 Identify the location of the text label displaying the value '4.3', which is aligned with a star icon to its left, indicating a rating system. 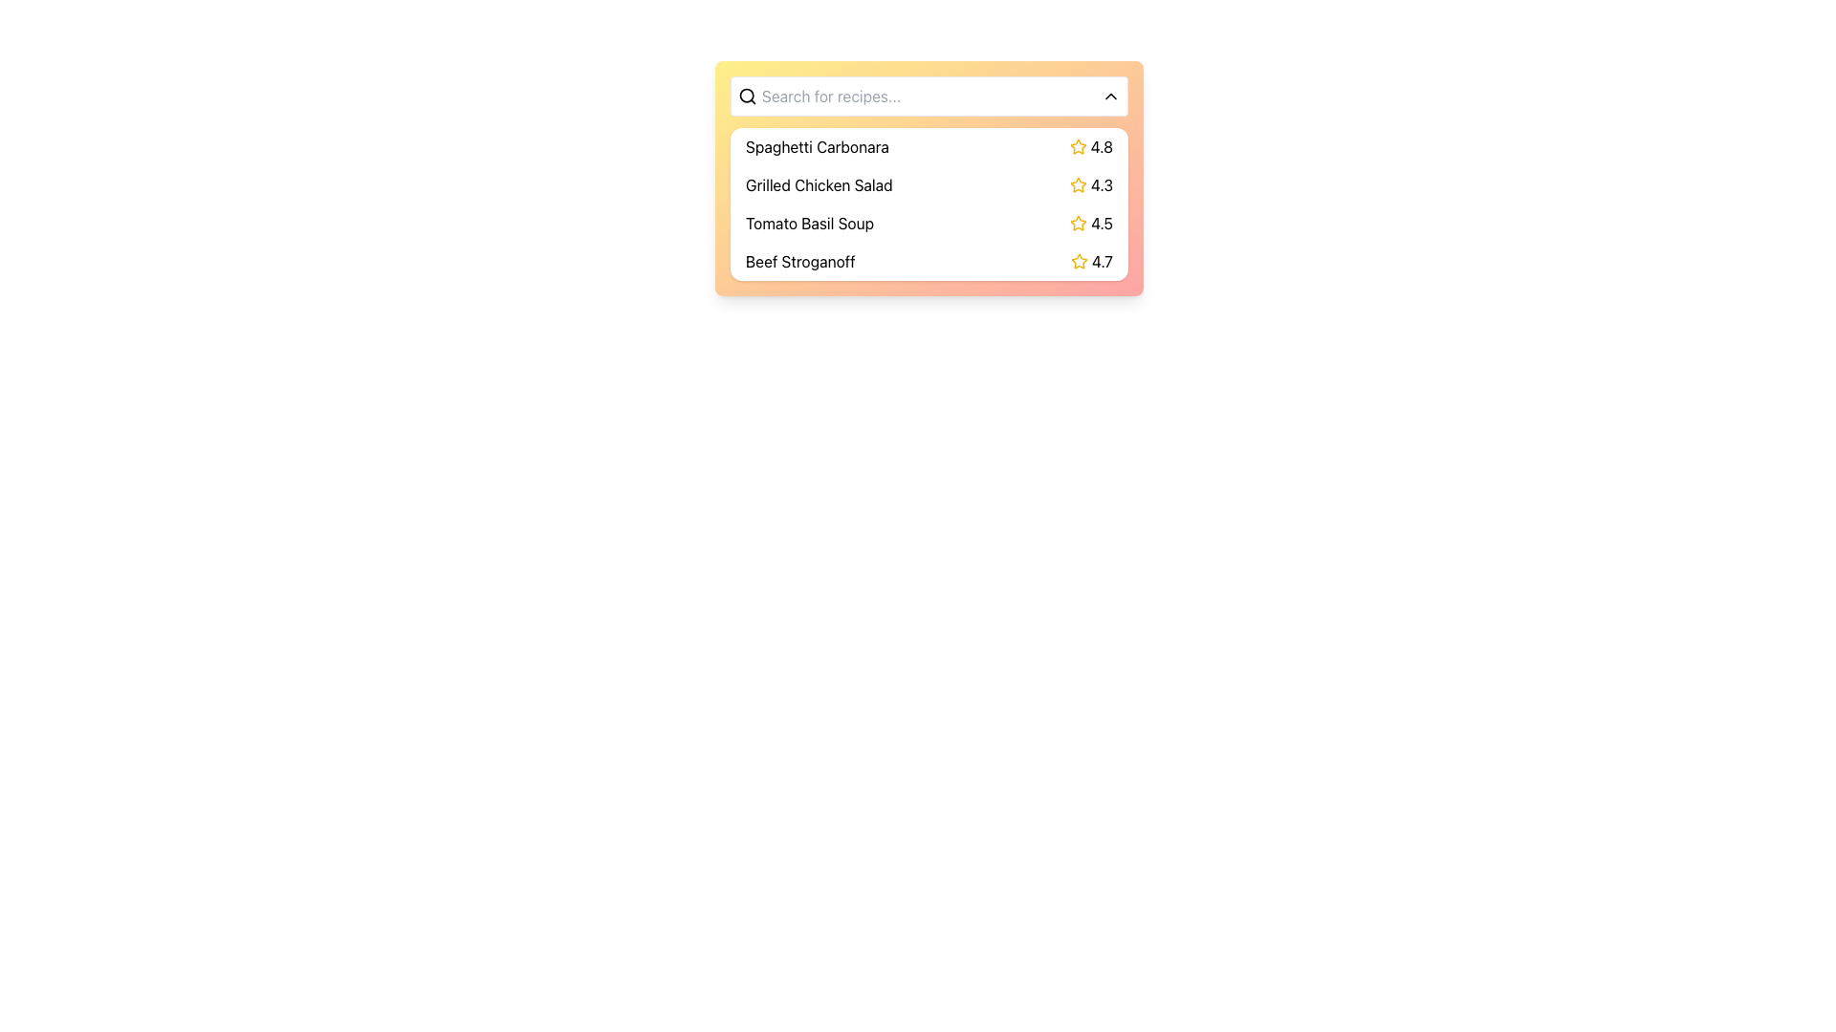
(1102, 184).